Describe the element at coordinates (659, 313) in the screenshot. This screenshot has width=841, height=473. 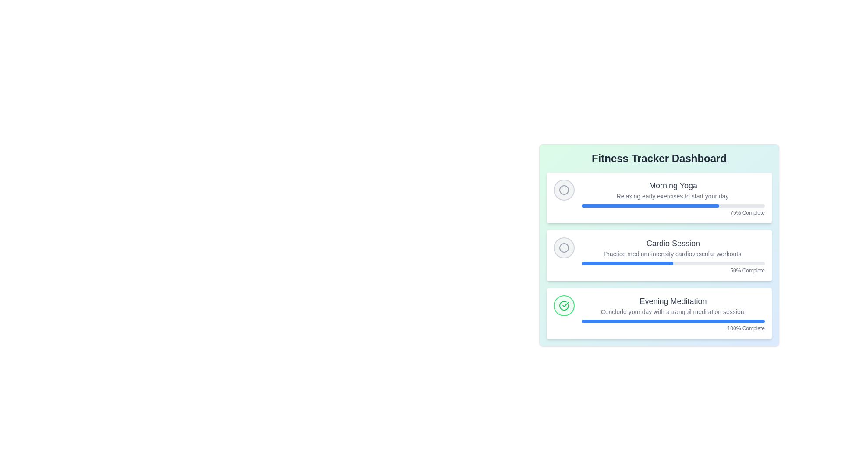
I see `title and description of the informational box indicating the completion status of the 'Evening Meditation' activity, which is positioned as the third item in a vertical stack of three sections` at that location.